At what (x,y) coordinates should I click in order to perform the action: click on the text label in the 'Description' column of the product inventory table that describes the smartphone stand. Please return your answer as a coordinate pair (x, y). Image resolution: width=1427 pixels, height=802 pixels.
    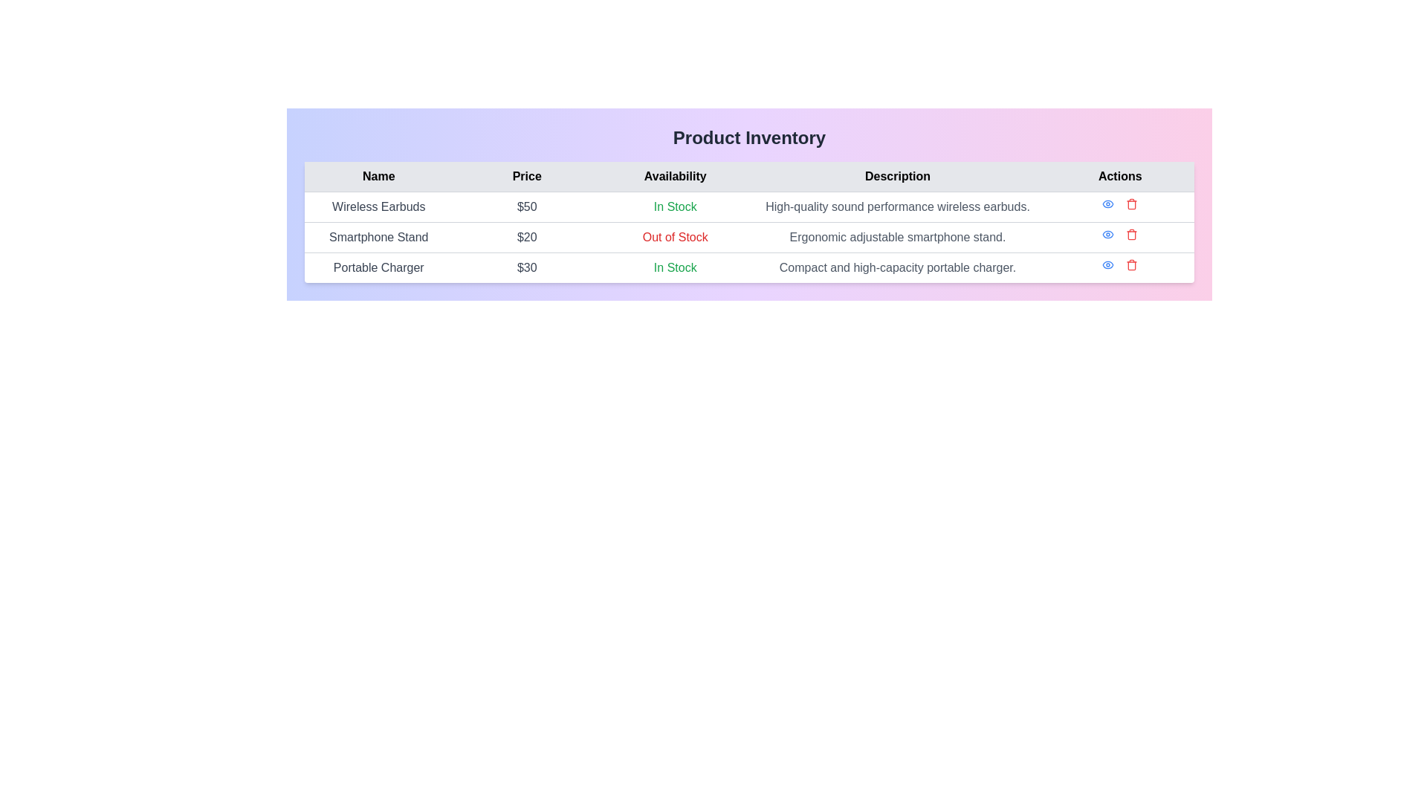
    Looking at the image, I should click on (897, 237).